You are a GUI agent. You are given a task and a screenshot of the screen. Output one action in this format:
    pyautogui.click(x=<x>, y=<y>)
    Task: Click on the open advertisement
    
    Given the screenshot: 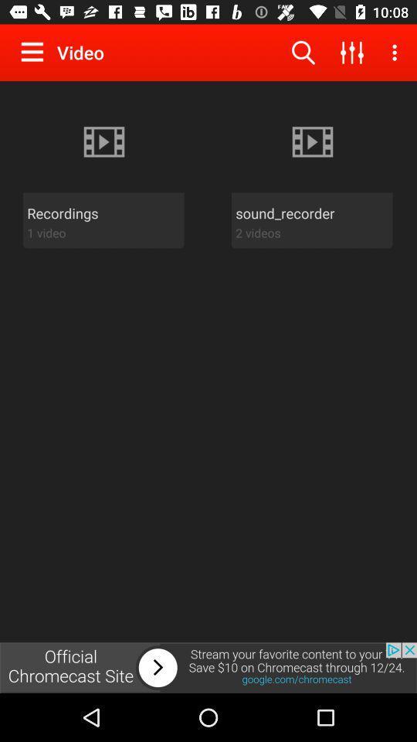 What is the action you would take?
    pyautogui.click(x=208, y=667)
    